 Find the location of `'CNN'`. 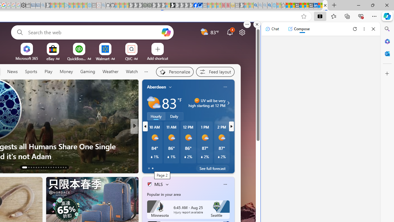

'CNN' is located at coordinates (147, 136).